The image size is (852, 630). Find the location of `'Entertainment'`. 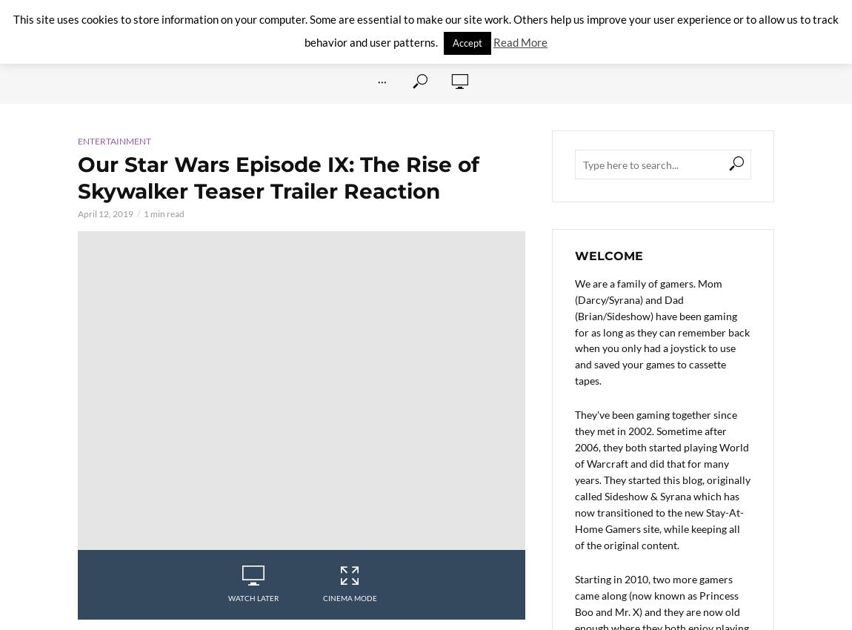

'Entertainment' is located at coordinates (76, 140).